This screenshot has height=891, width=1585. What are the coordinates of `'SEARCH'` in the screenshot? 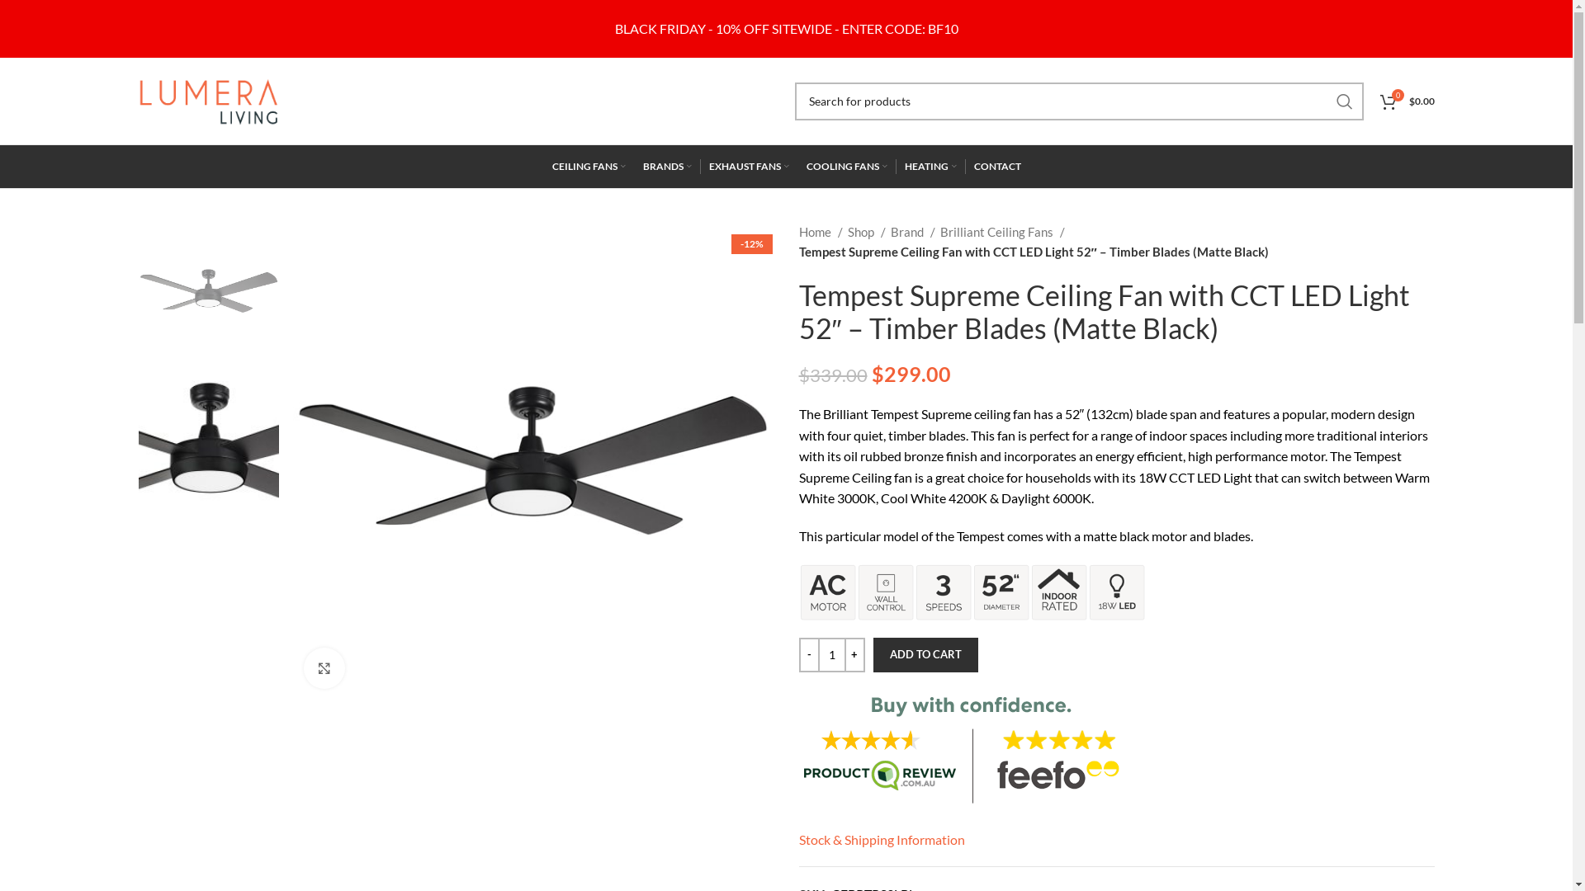 It's located at (1344, 101).